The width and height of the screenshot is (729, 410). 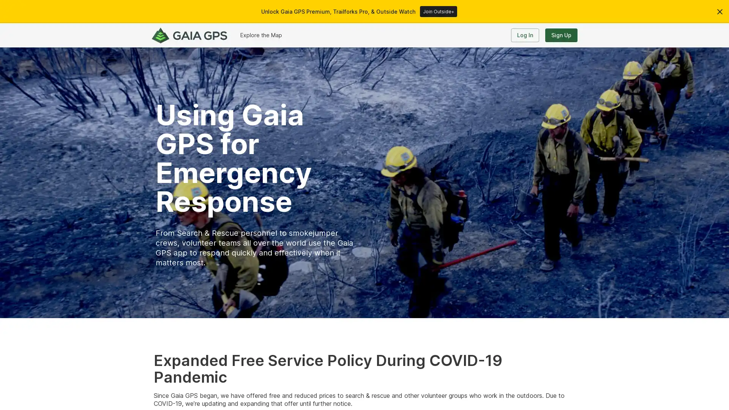 I want to click on Sign Up, so click(x=561, y=35).